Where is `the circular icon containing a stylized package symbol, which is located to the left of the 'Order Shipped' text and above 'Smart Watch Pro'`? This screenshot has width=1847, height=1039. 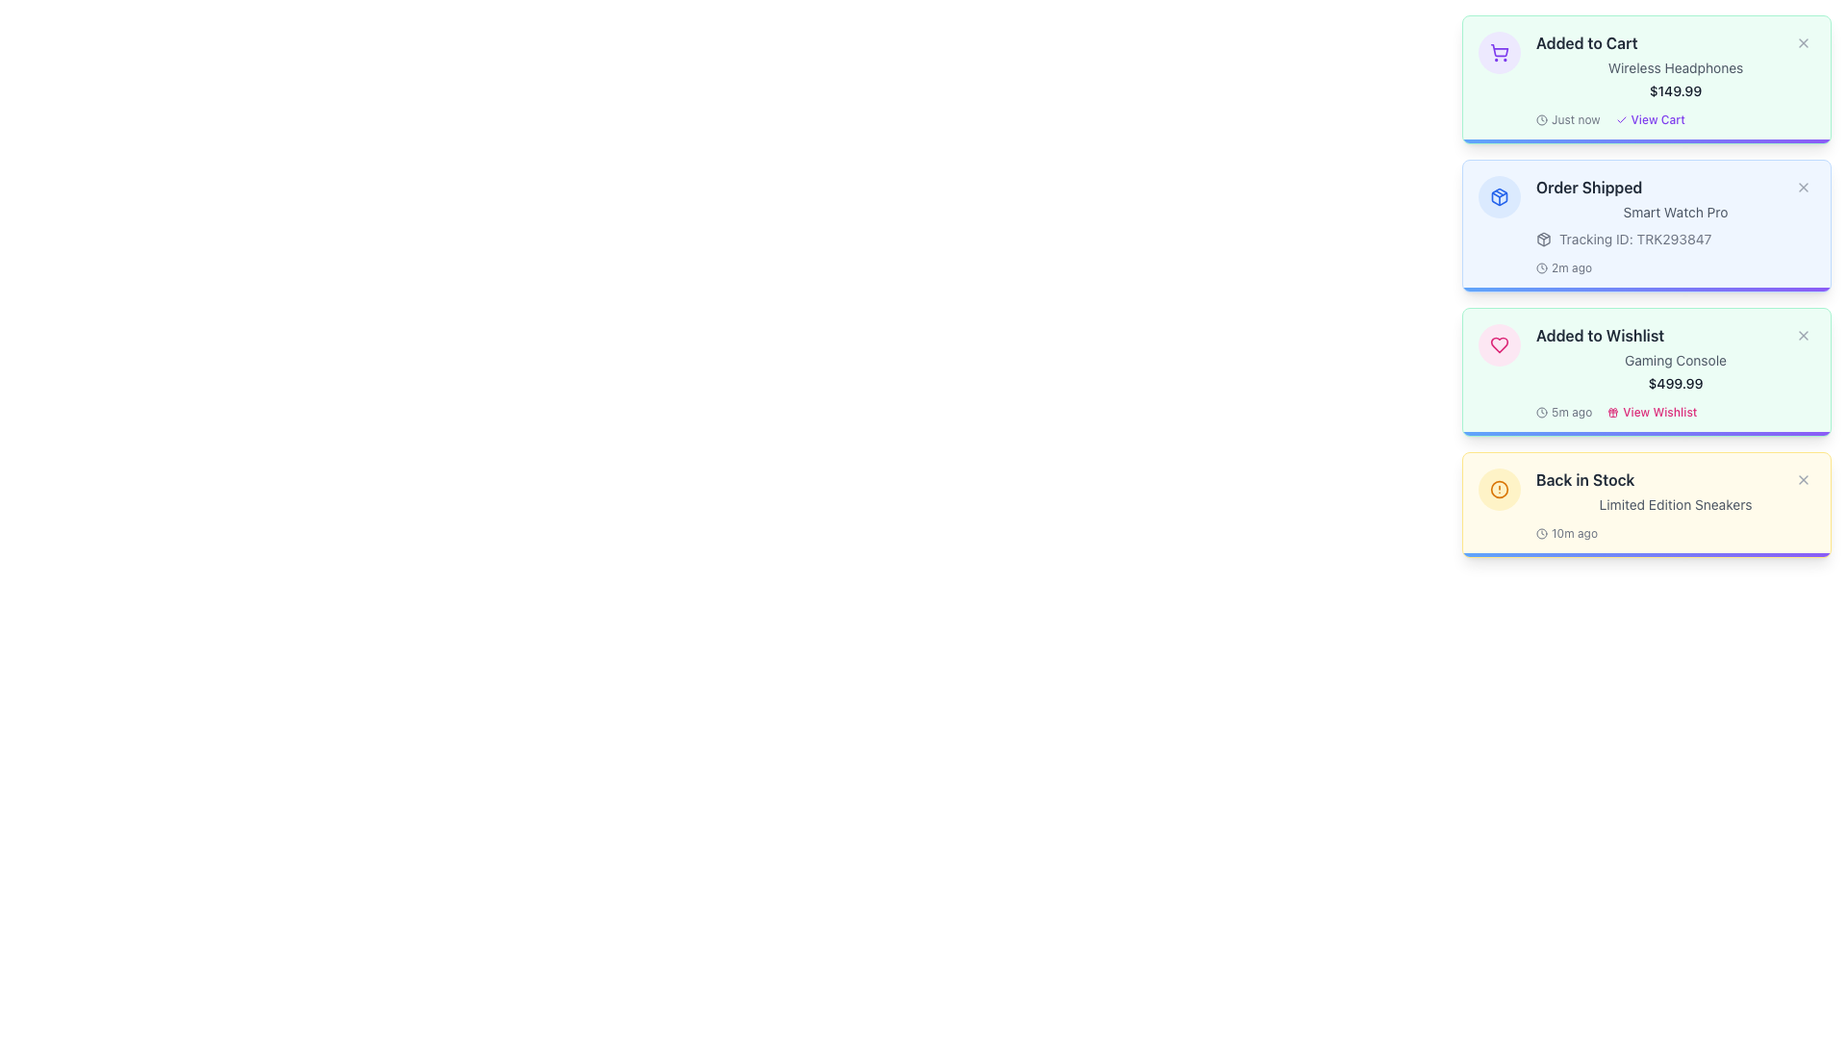 the circular icon containing a stylized package symbol, which is located to the left of the 'Order Shipped' text and above 'Smart Watch Pro' is located at coordinates (1499, 196).